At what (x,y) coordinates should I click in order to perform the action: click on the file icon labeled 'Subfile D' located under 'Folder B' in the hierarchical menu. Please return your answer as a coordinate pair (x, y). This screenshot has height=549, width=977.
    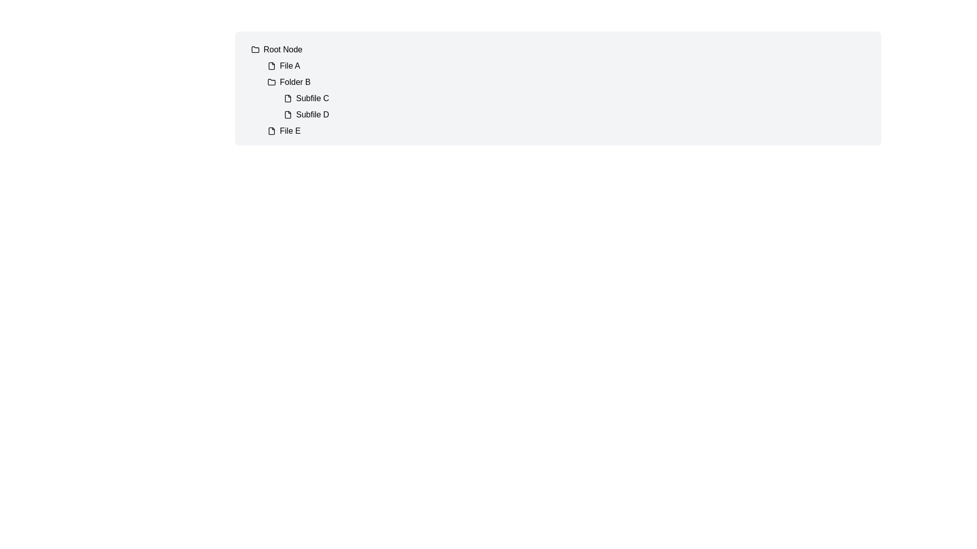
    Looking at the image, I should click on (288, 114).